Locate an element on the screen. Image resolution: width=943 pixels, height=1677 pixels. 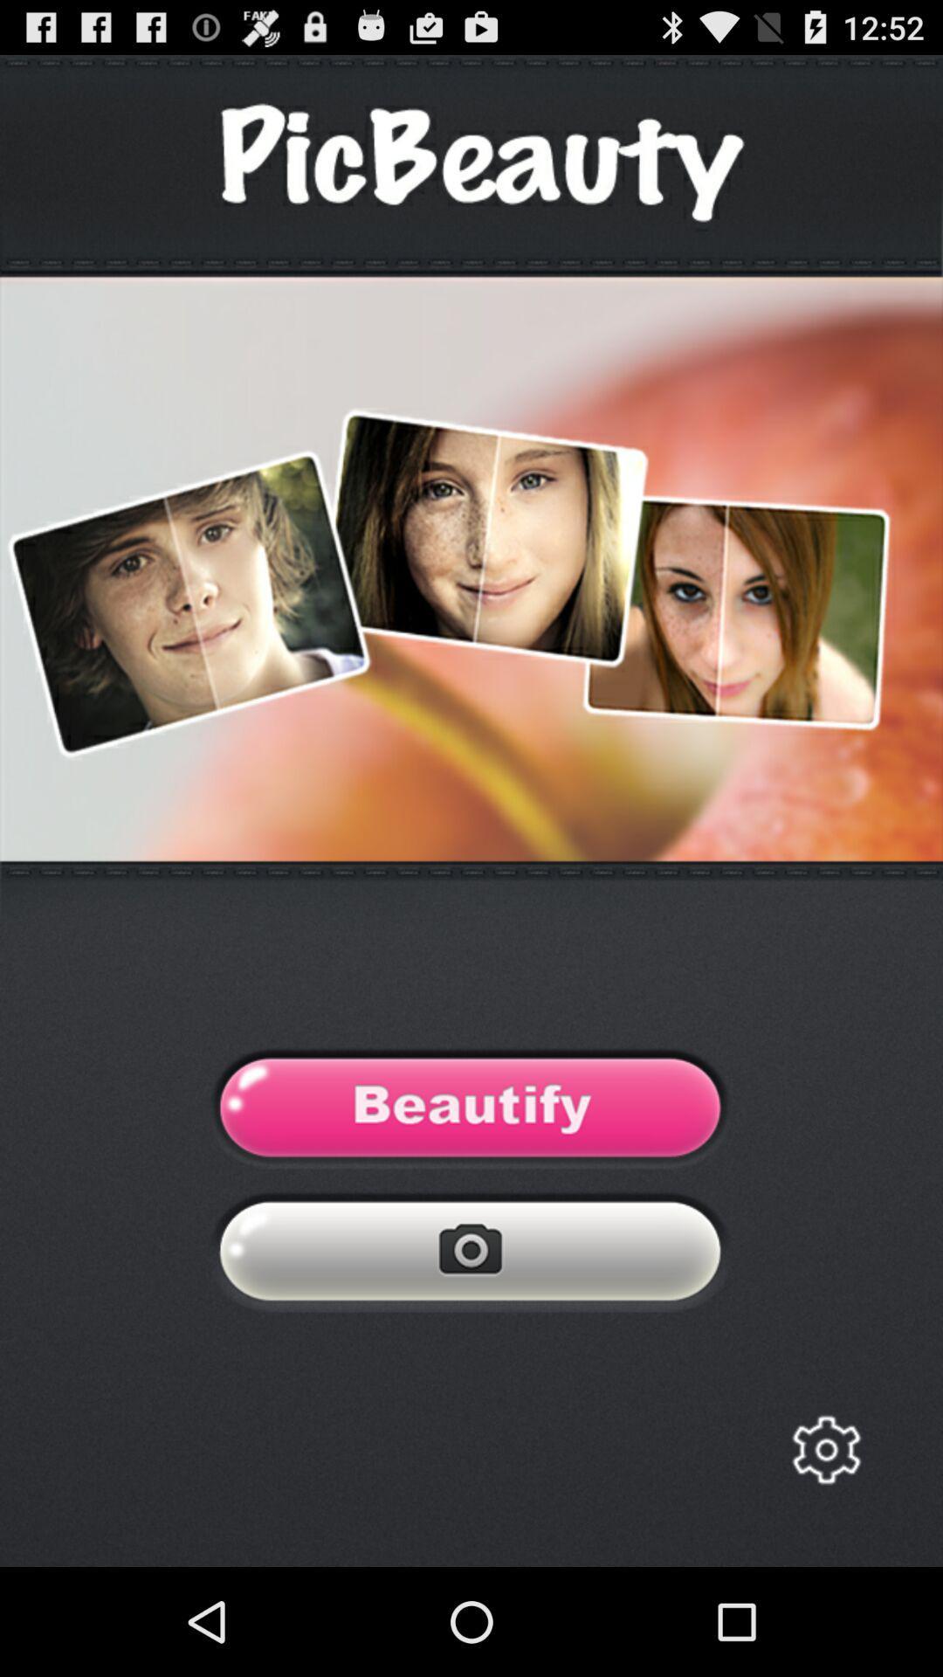
the image is located at coordinates (470, 1111).